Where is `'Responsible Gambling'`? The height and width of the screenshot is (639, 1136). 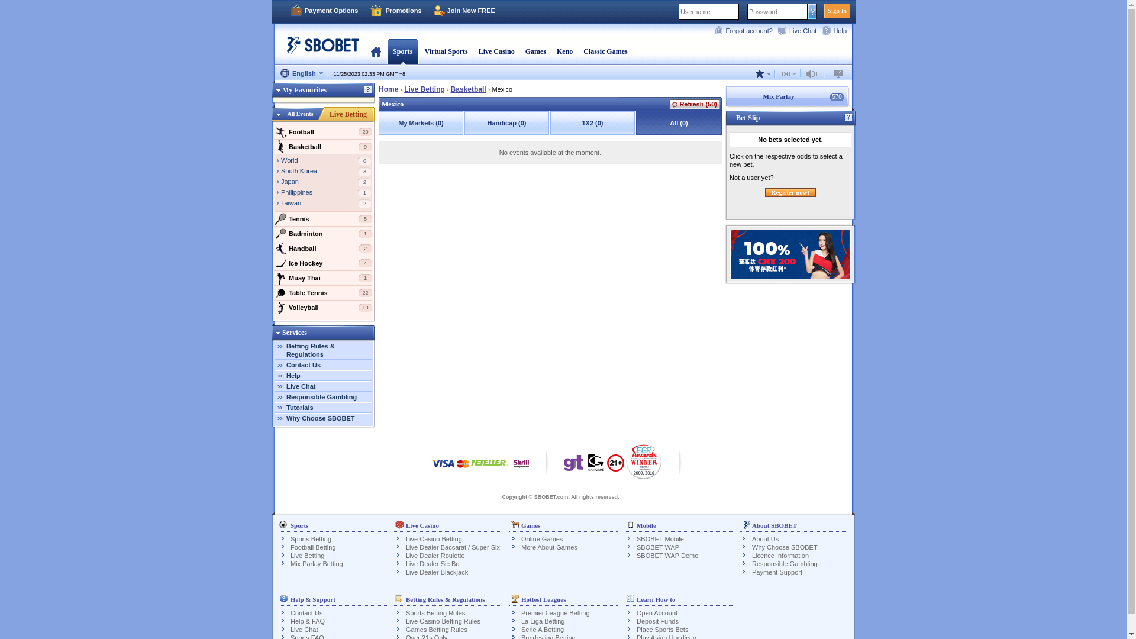
'Responsible Gambling' is located at coordinates (751, 563).